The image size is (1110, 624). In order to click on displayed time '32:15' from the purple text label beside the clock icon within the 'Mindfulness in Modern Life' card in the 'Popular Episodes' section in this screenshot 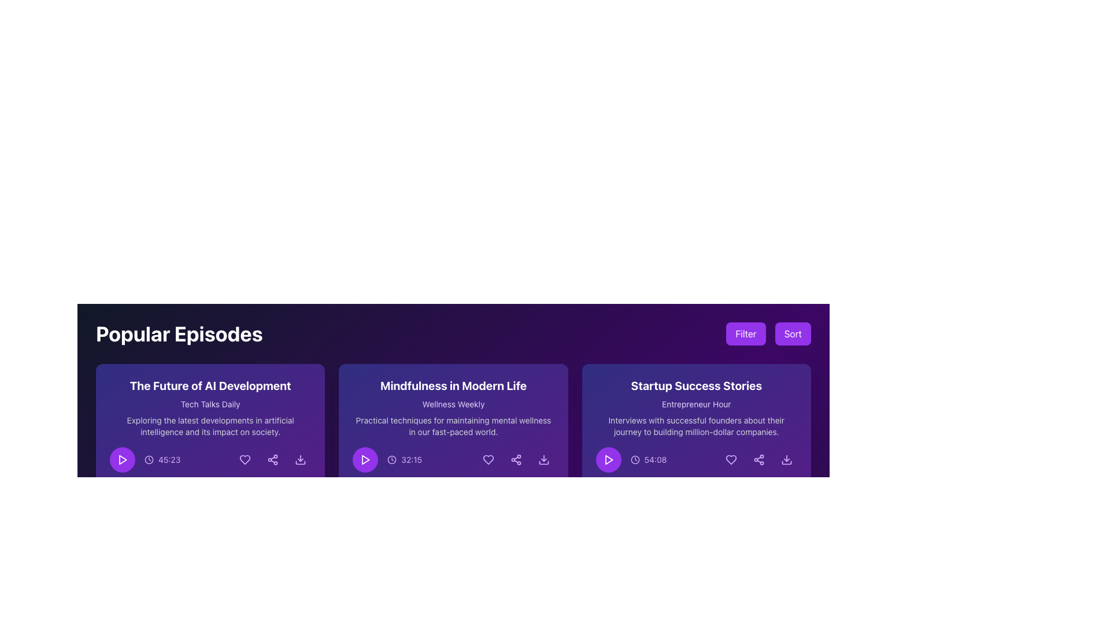, I will do `click(412, 459)`.